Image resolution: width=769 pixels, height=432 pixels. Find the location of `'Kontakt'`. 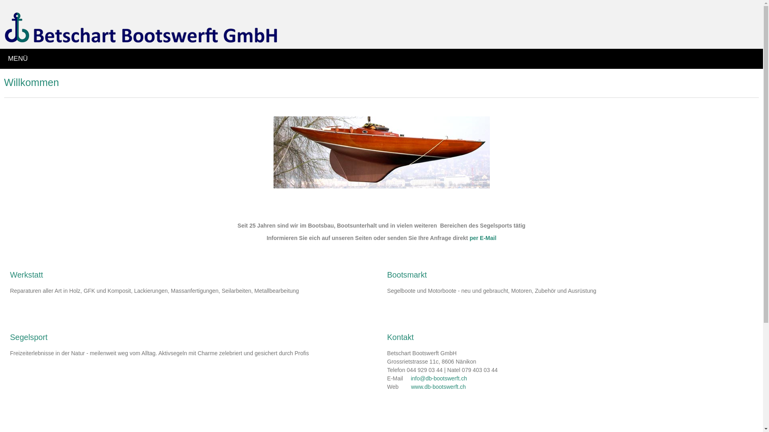

'Kontakt' is located at coordinates (400, 337).